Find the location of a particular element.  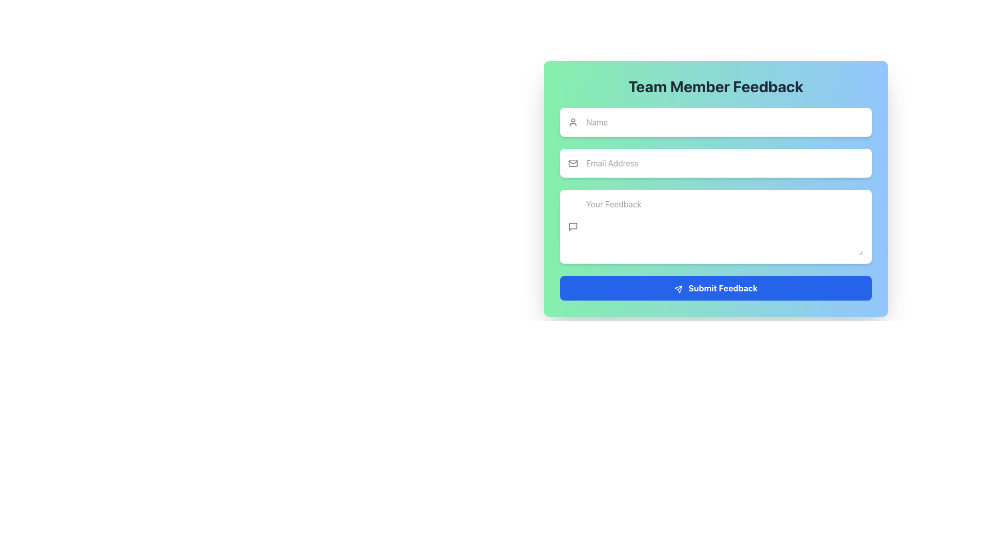

the 'send' icon located on the left side of the 'Submit Feedback' button at the bottom of the form is located at coordinates (678, 289).